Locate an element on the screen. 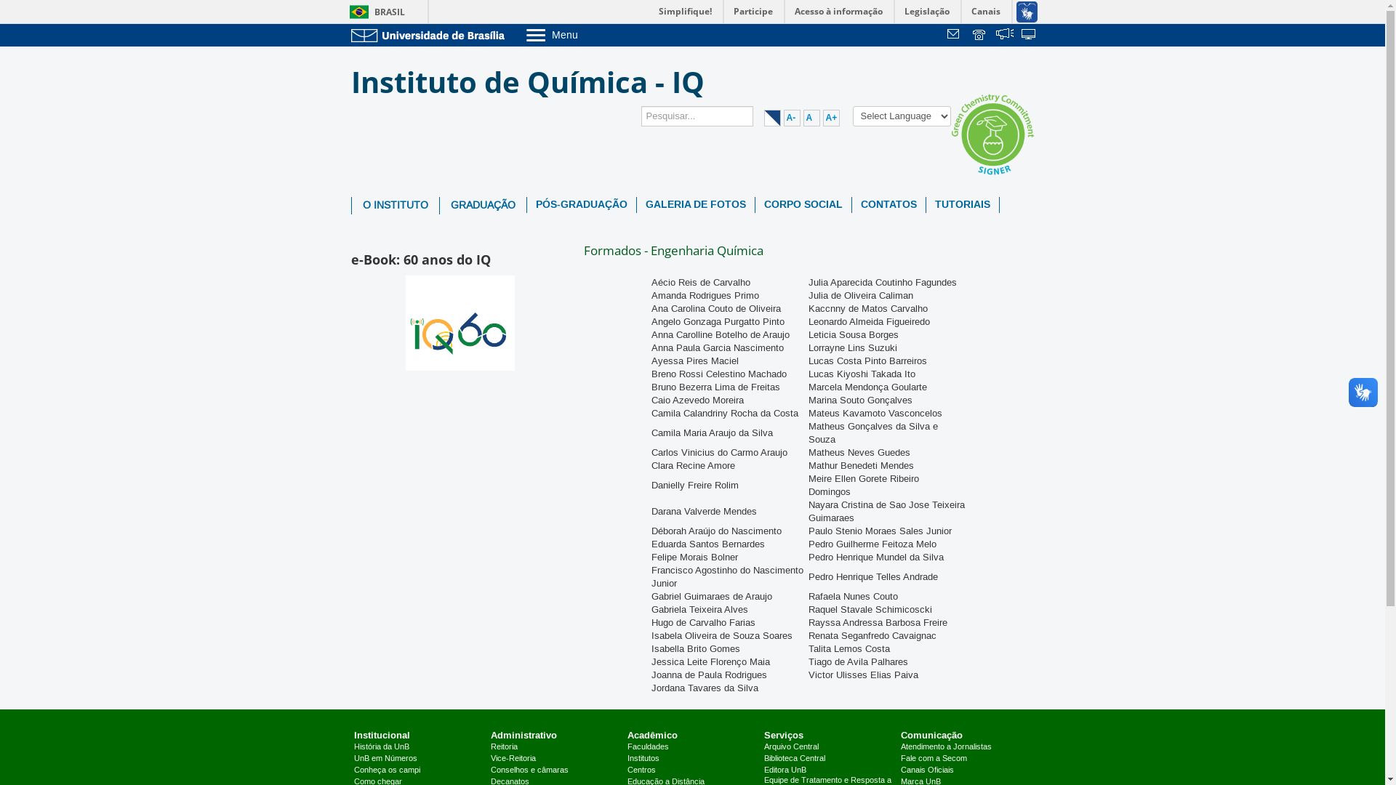 The height and width of the screenshot is (785, 1396). 'Canais Oficiais' is located at coordinates (926, 770).